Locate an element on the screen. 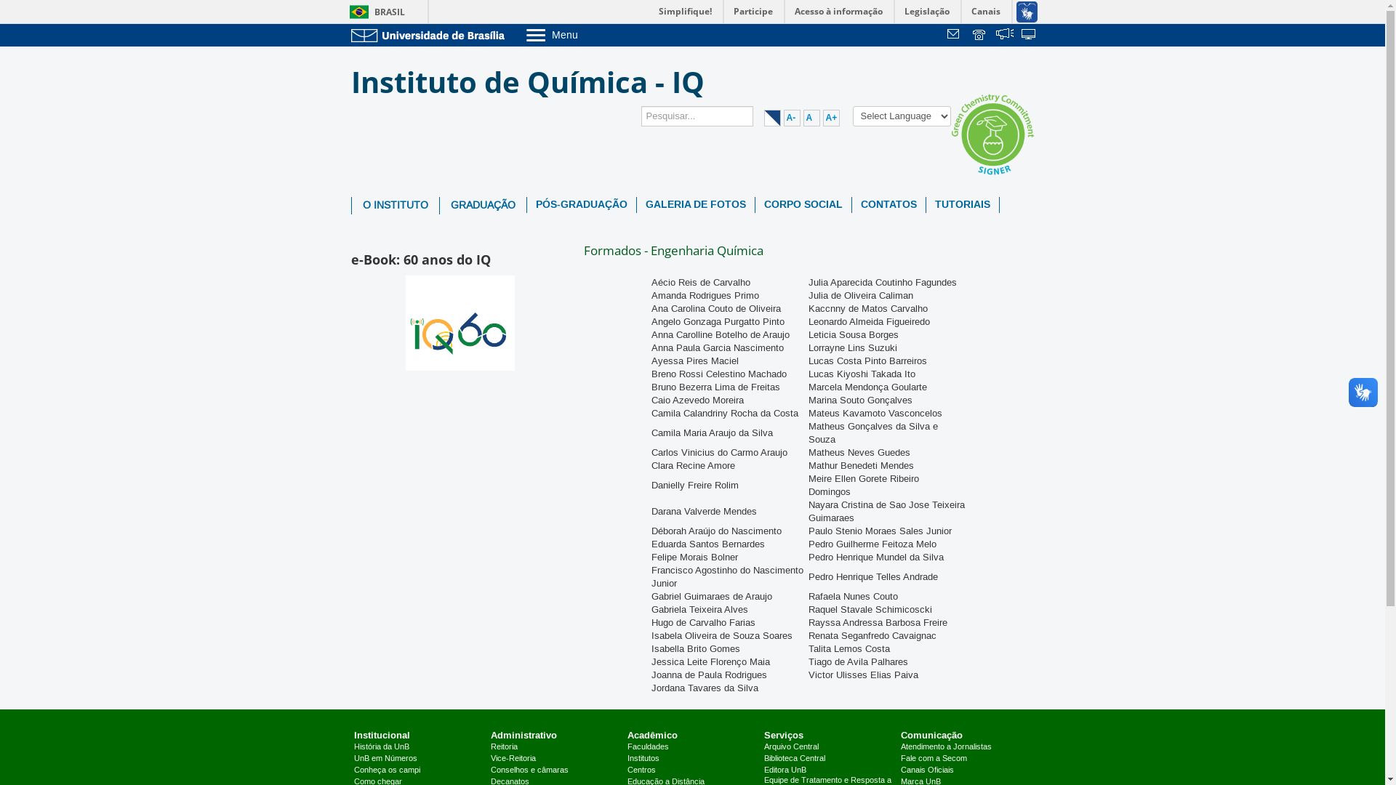 The height and width of the screenshot is (785, 1396). 'Canais Oficiais' is located at coordinates (926, 770).